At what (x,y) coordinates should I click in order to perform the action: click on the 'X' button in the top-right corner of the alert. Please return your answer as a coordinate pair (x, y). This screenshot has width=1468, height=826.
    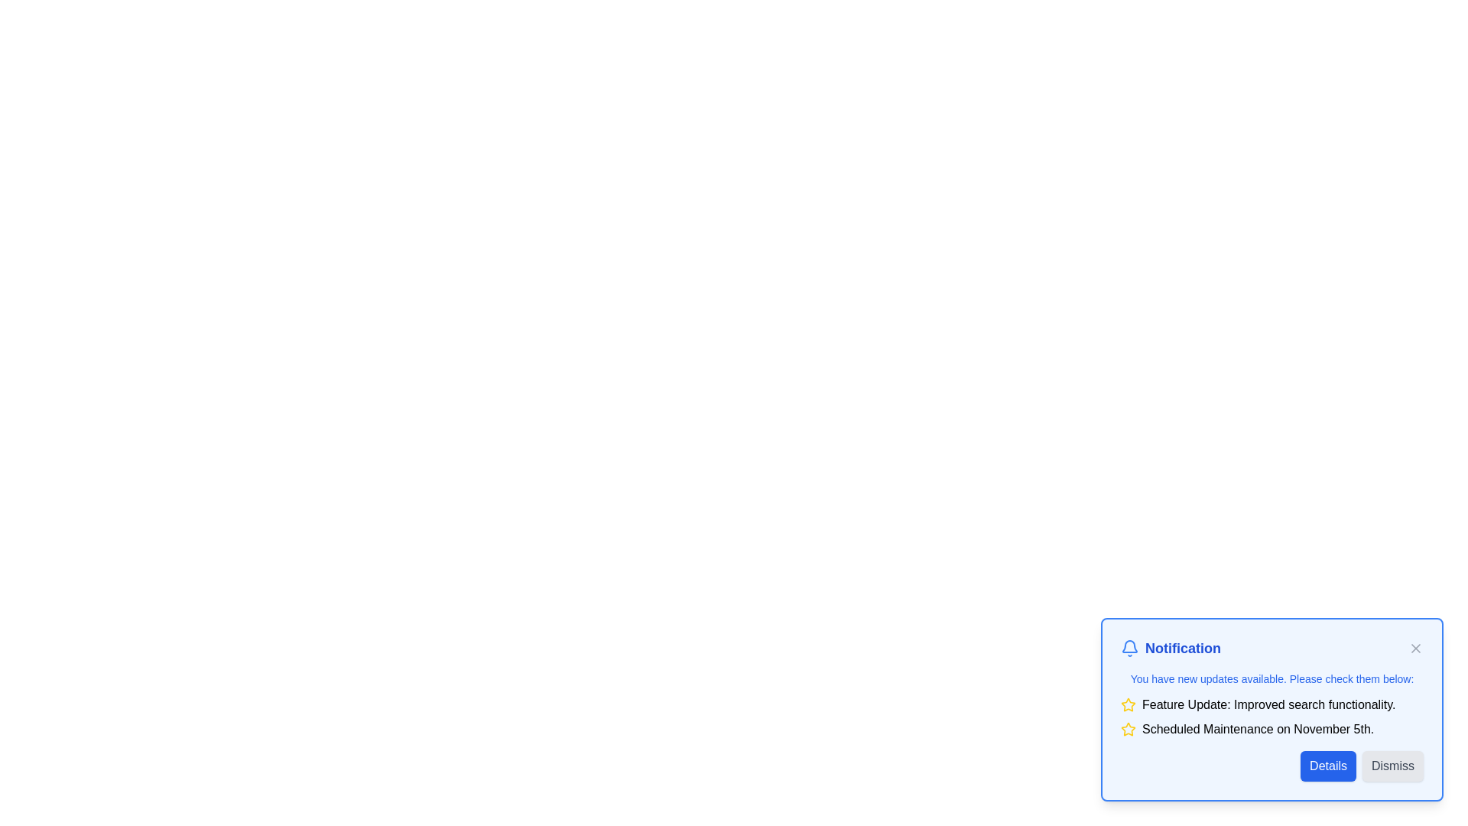
    Looking at the image, I should click on (1415, 649).